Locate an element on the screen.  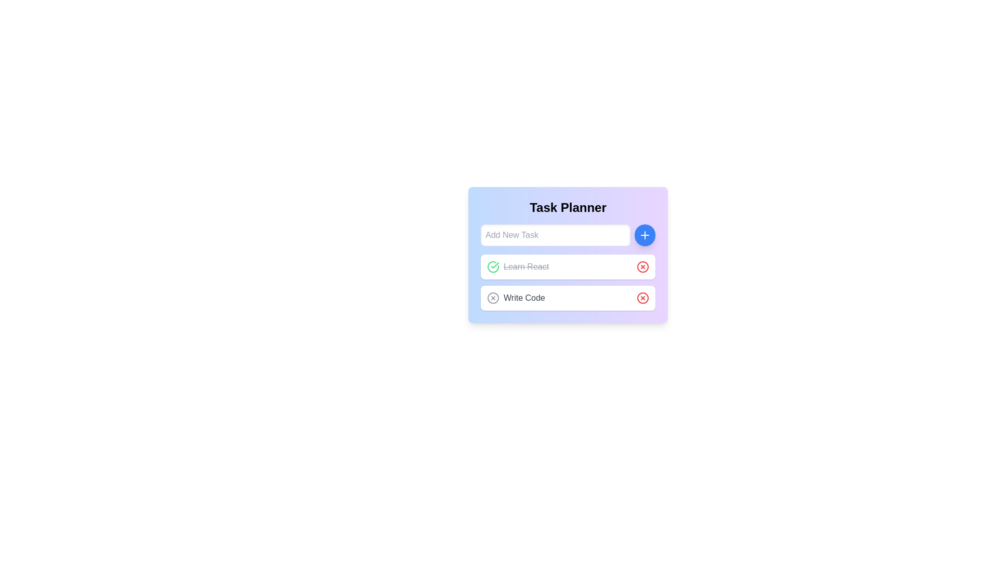
the circular blue button with a white plus (+) icon is located at coordinates (645, 235).